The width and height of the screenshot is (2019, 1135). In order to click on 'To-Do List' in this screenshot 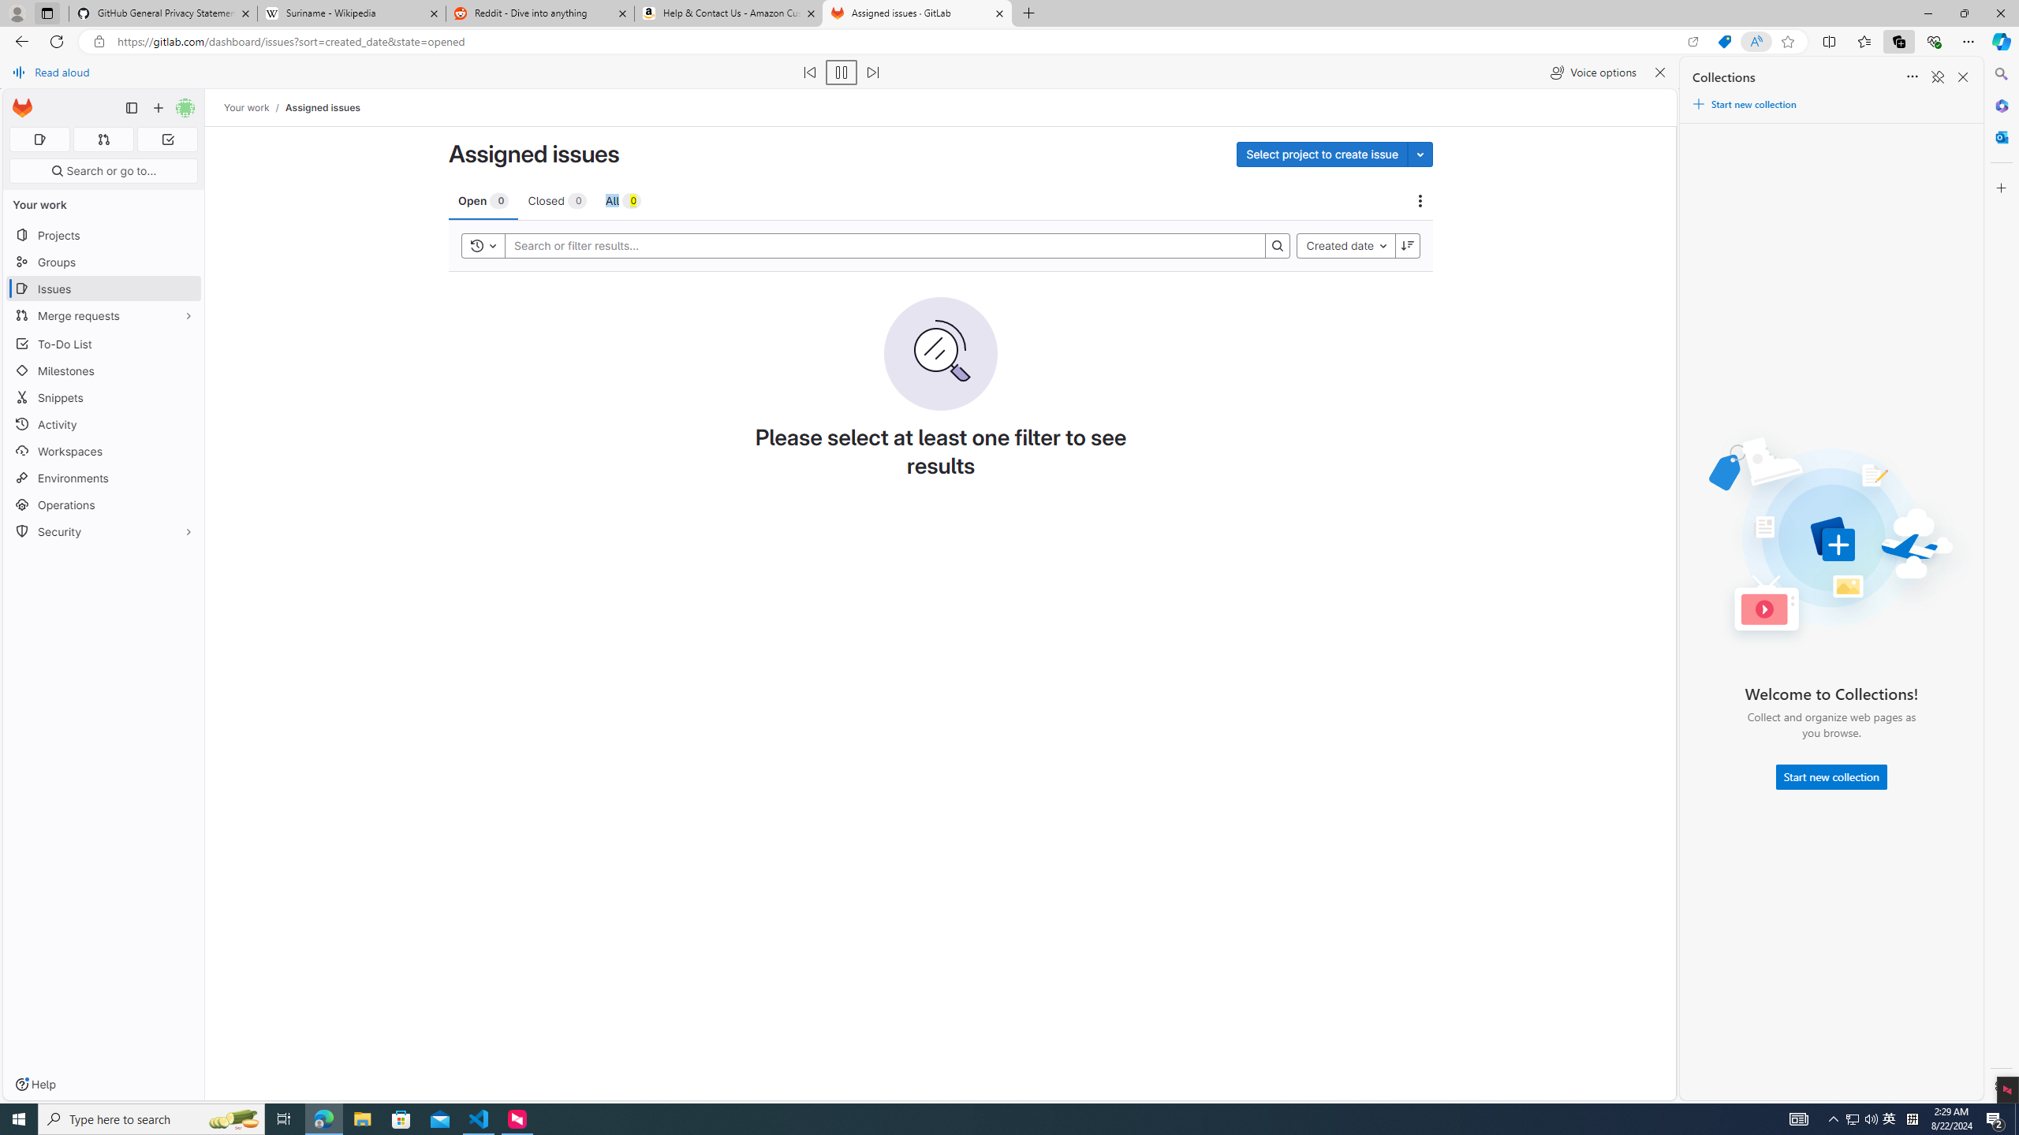, I will do `click(103, 344)`.